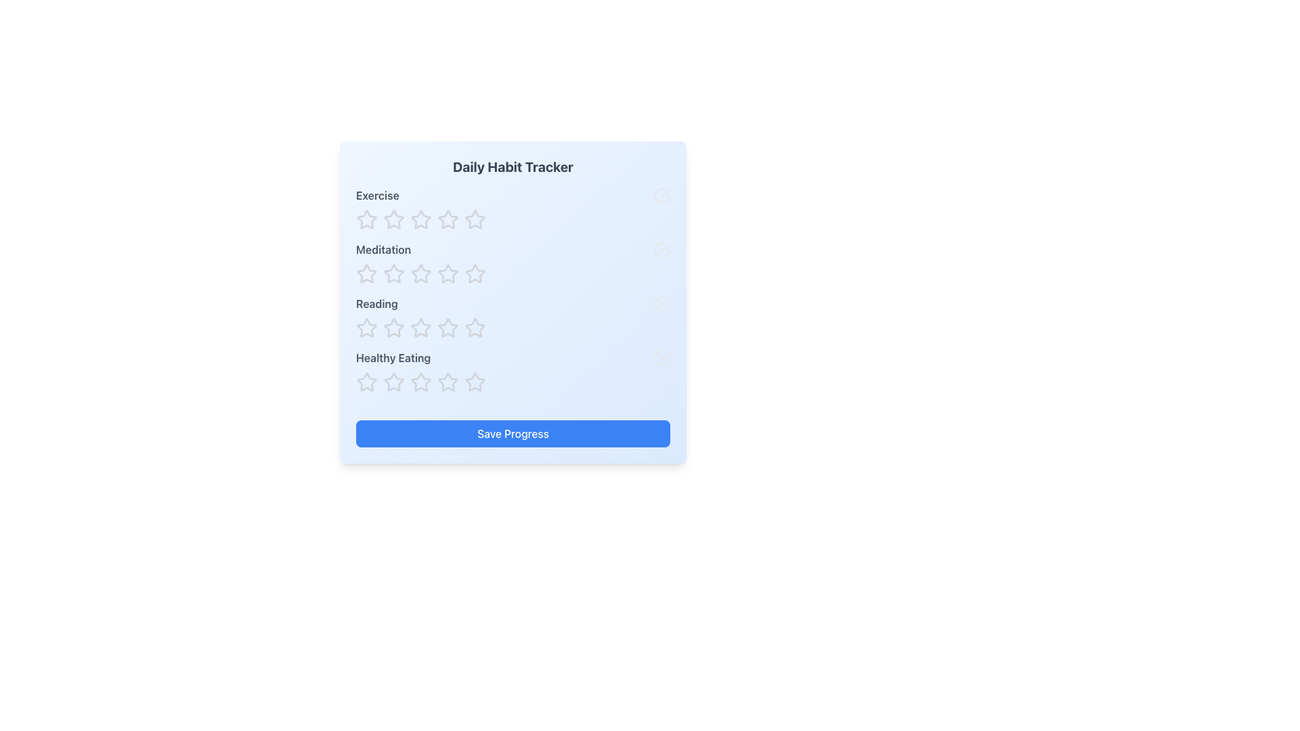 The width and height of the screenshot is (1300, 731). I want to click on the fourth interactive rating star icon in the row associated with 'Reading', which is located above the 'Save Progress' button in the habit tracker grid, so click(420, 328).